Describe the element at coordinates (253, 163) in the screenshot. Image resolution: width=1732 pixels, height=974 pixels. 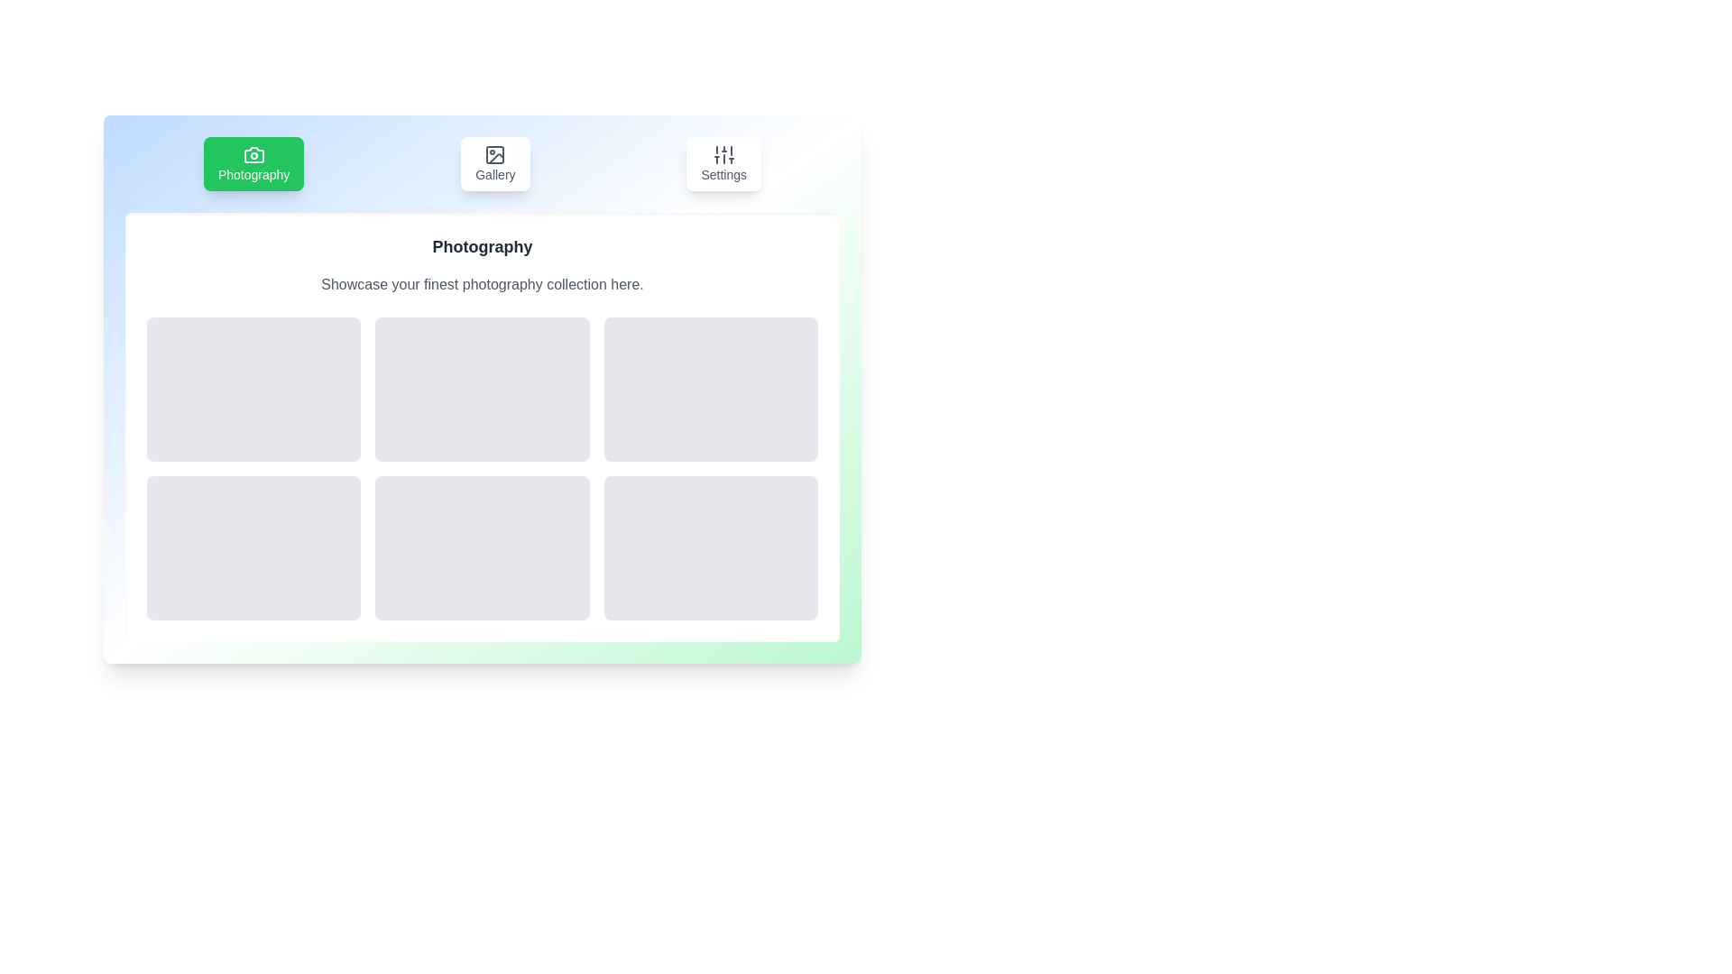
I see `the Photography tab to view its content` at that location.